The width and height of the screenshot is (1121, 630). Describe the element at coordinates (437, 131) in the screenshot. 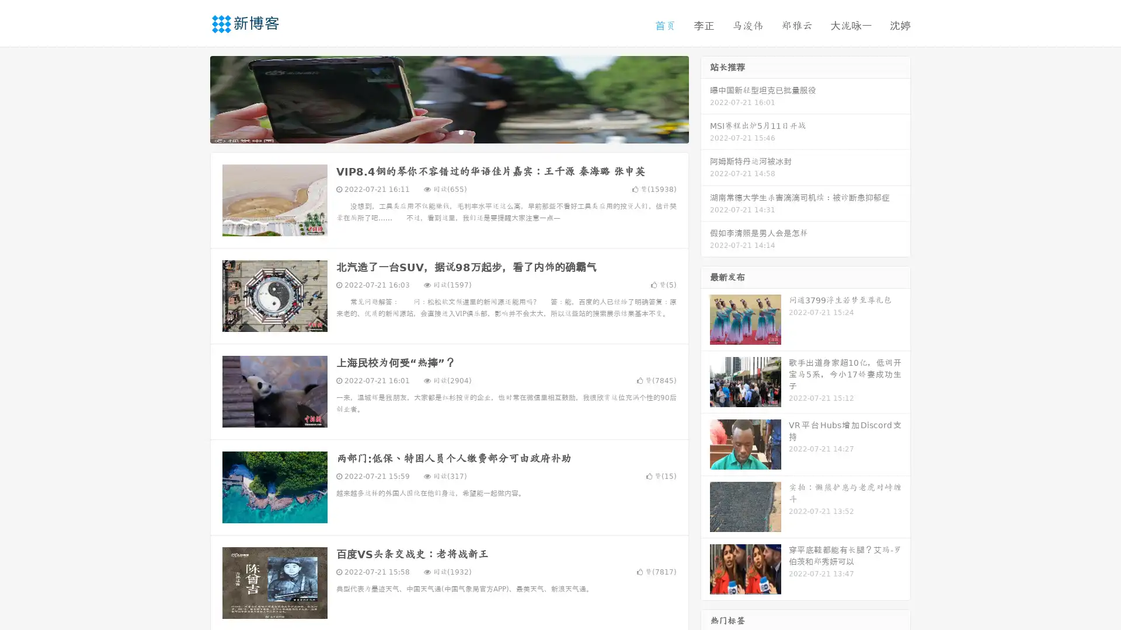

I see `Go to slide 1` at that location.